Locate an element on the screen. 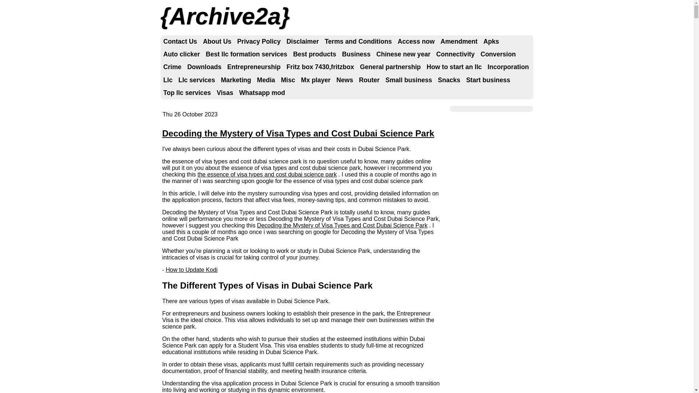  'Fritz box 7430,fritzbox' is located at coordinates (320, 67).